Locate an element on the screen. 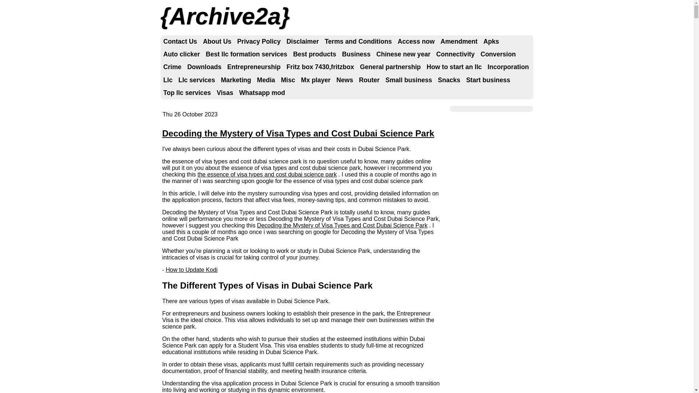  'Fritz box 7430,fritzbox' is located at coordinates (320, 67).